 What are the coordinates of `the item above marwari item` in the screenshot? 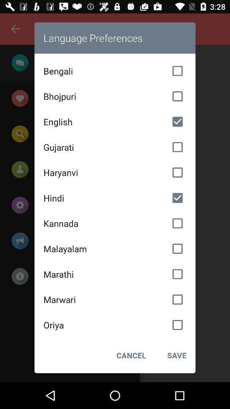 It's located at (115, 274).